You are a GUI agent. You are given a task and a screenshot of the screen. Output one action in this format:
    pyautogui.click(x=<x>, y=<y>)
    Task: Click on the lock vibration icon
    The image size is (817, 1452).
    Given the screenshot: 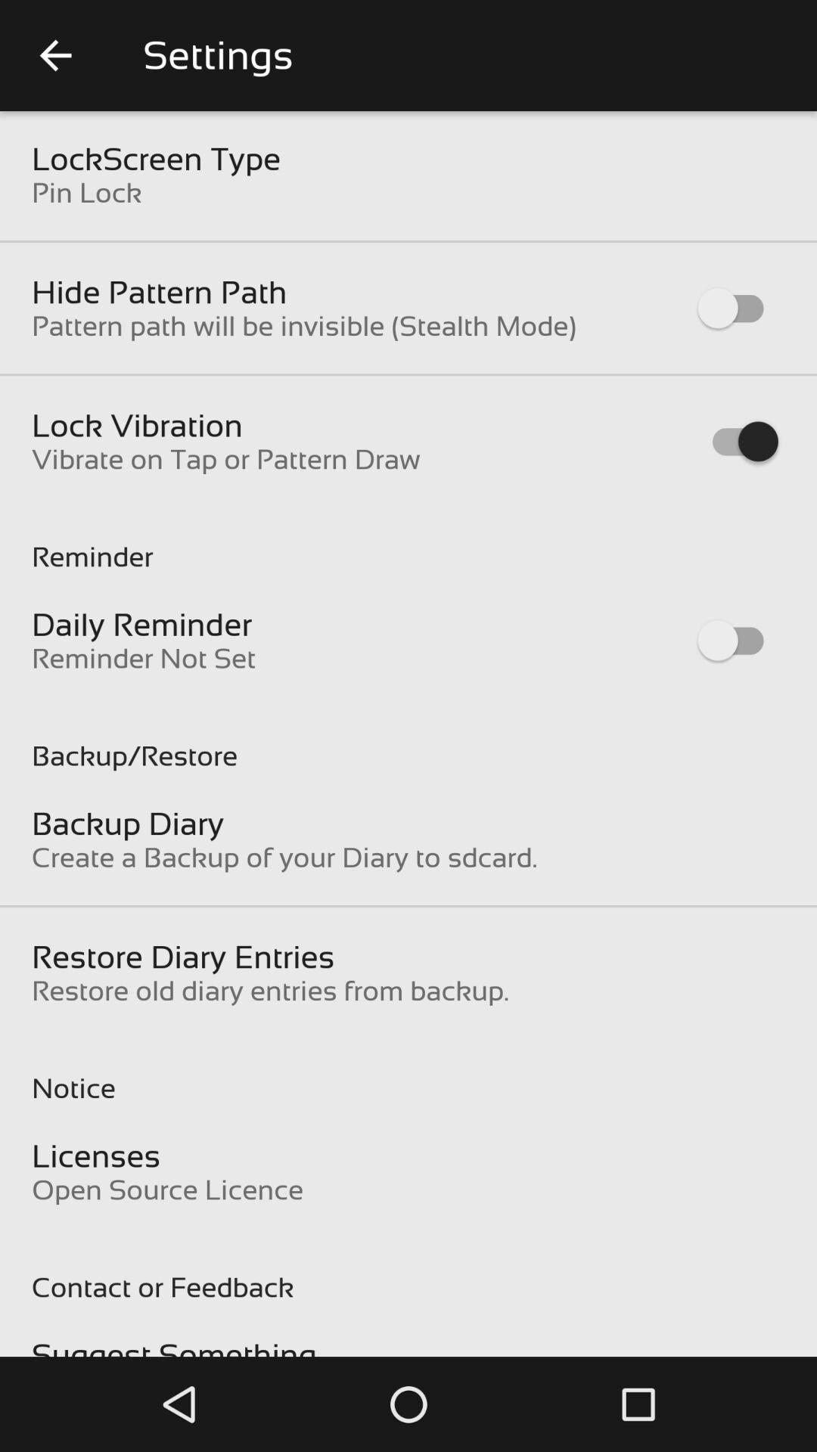 What is the action you would take?
    pyautogui.click(x=137, y=424)
    